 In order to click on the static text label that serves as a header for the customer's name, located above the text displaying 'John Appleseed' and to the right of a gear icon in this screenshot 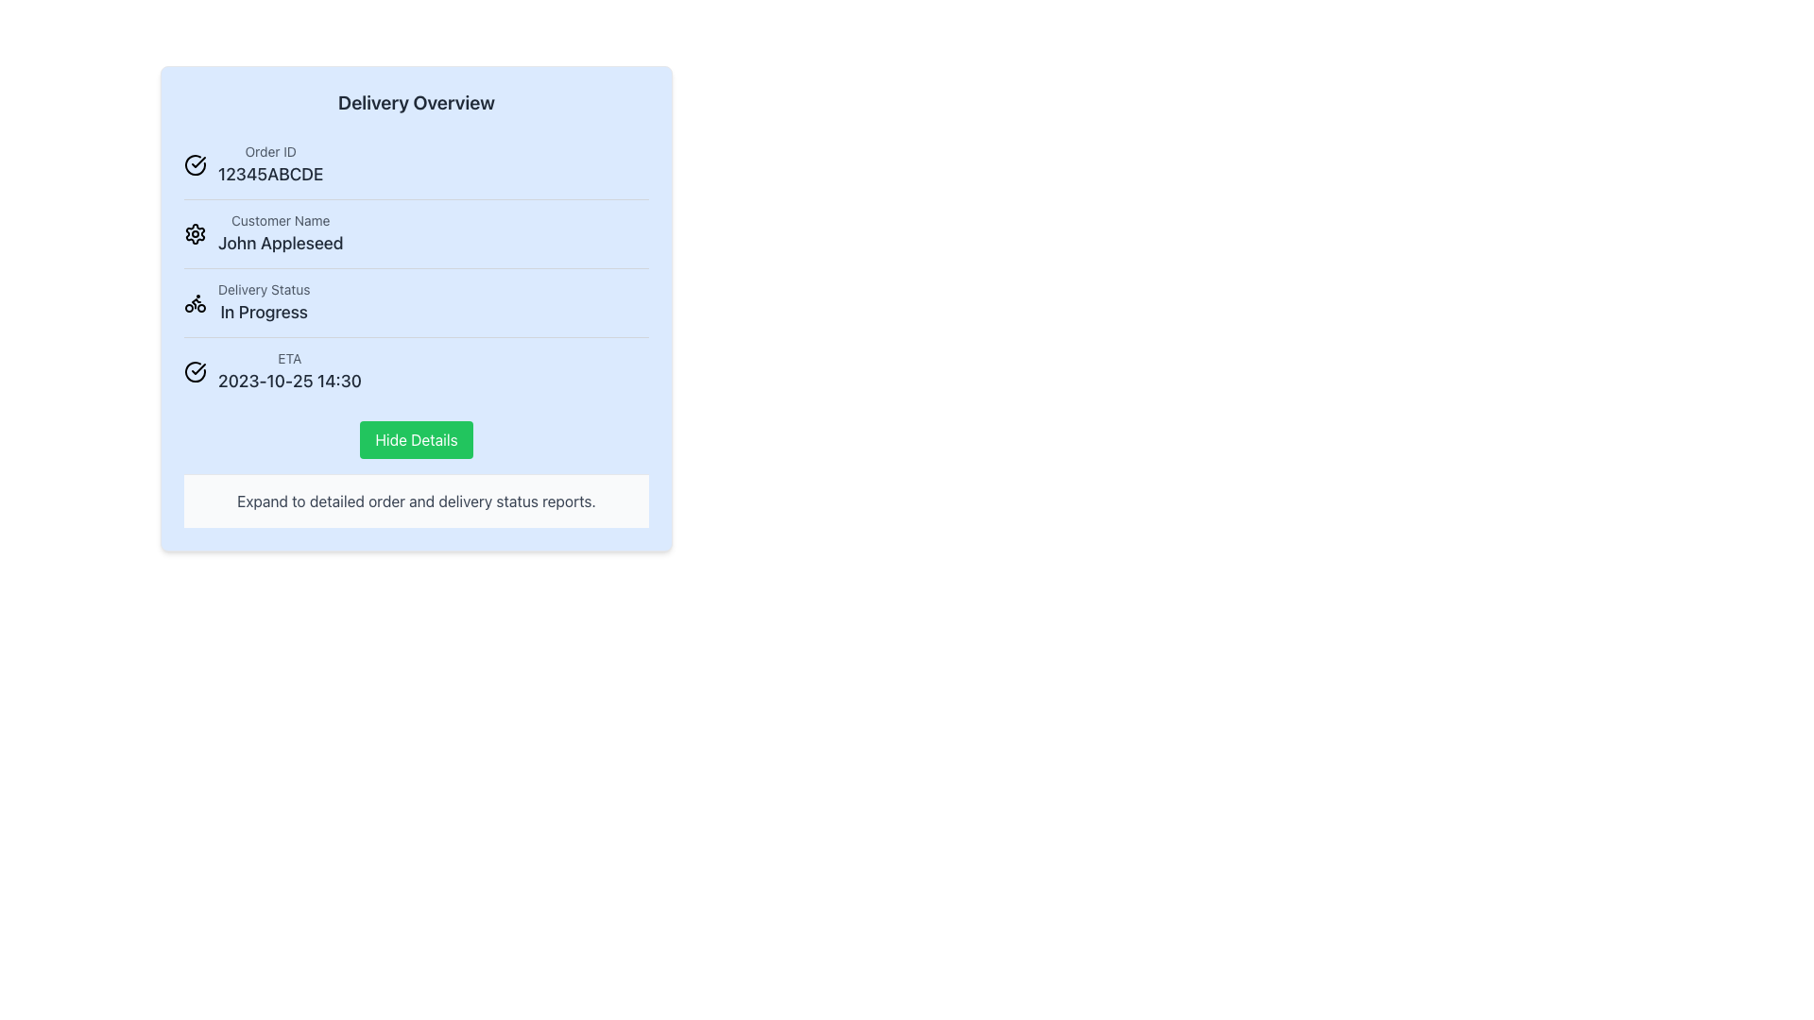, I will do `click(280, 220)`.